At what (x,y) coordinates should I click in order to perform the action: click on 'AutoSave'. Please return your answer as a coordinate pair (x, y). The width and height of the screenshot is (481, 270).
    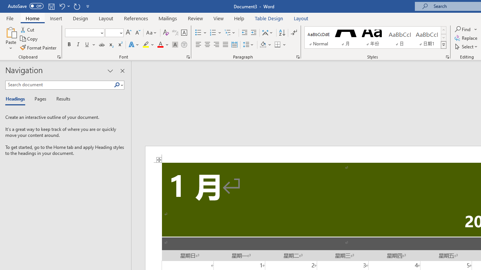
    Looking at the image, I should click on (26, 6).